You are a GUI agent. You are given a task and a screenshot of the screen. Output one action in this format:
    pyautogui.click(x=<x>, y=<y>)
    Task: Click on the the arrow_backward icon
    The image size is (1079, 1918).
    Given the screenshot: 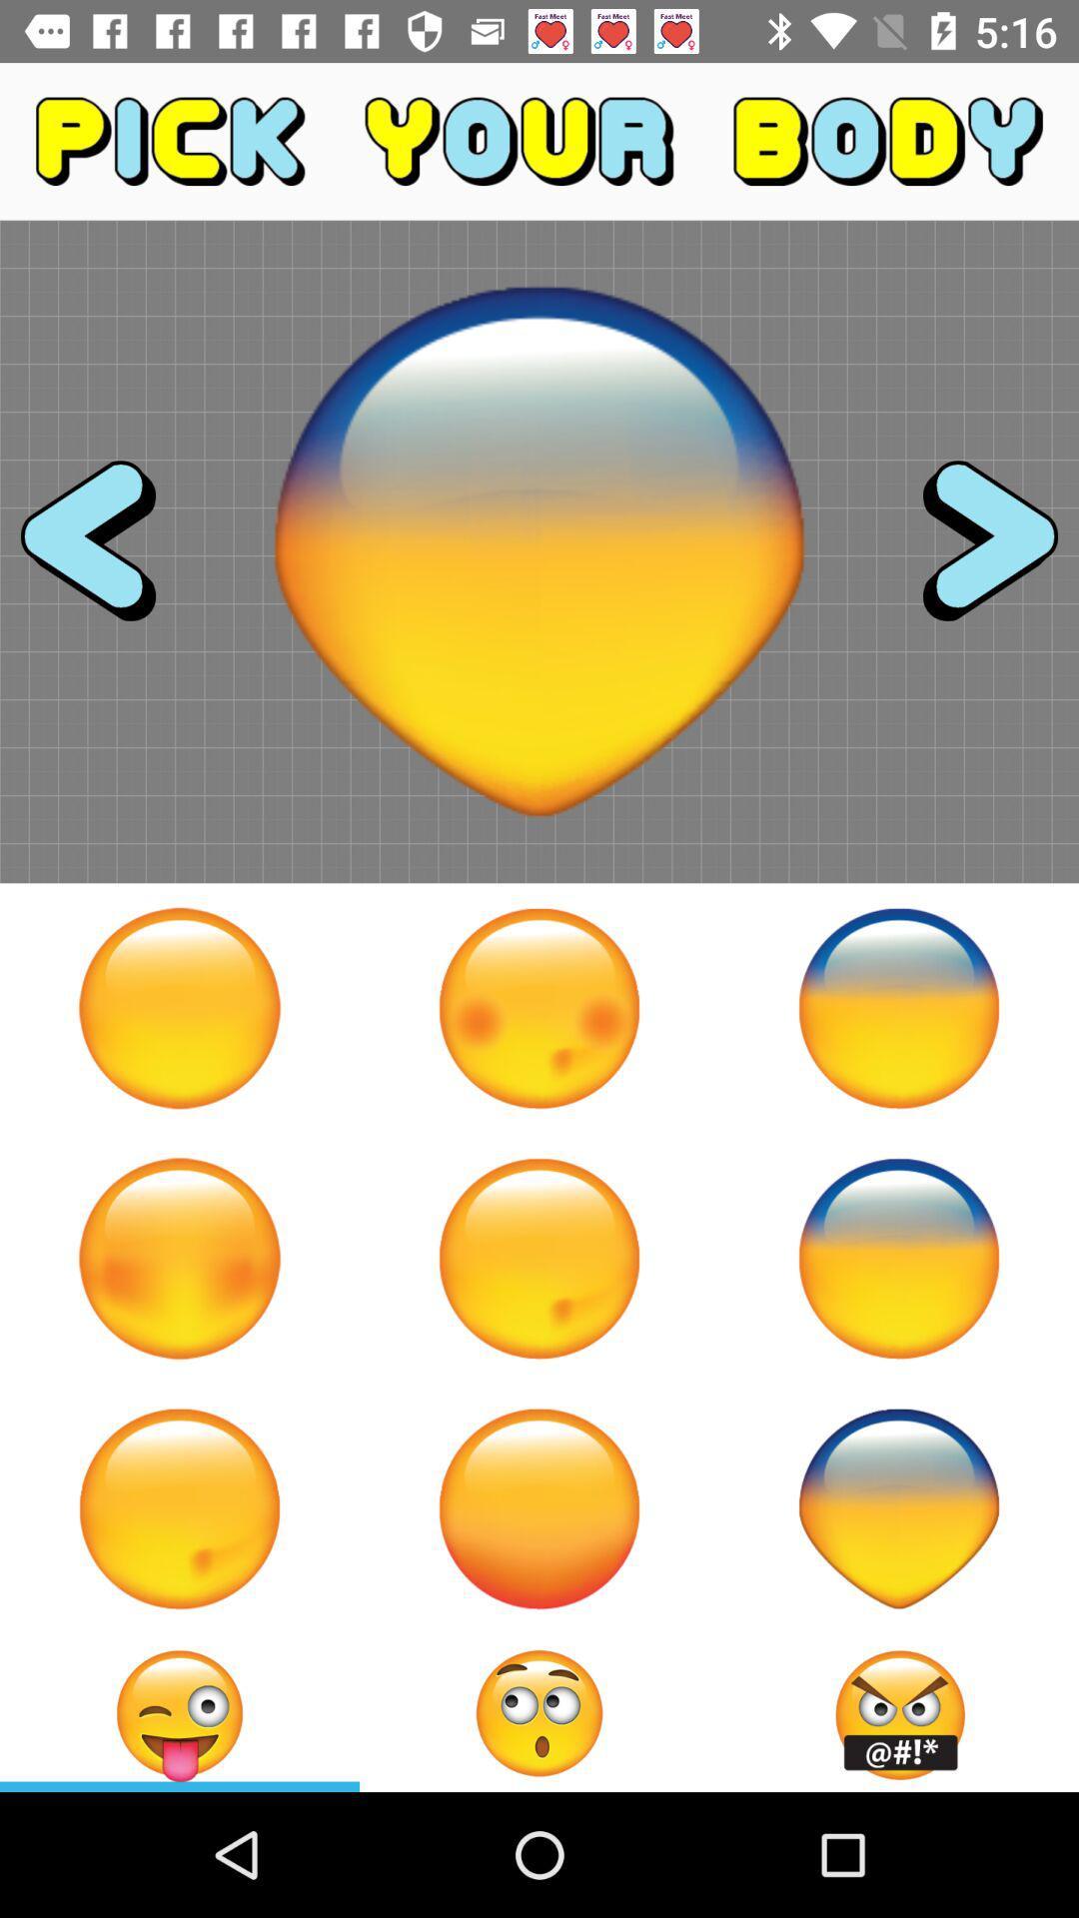 What is the action you would take?
    pyautogui.click(x=106, y=551)
    